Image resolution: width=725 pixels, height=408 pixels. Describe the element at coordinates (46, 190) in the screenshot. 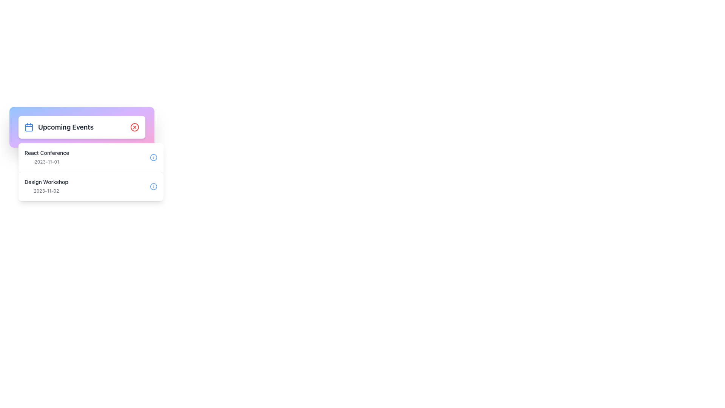

I see `date text label that displays '2023-11-02', positioned under 'Design Workshop' in muted gray color within the event schedule module` at that location.